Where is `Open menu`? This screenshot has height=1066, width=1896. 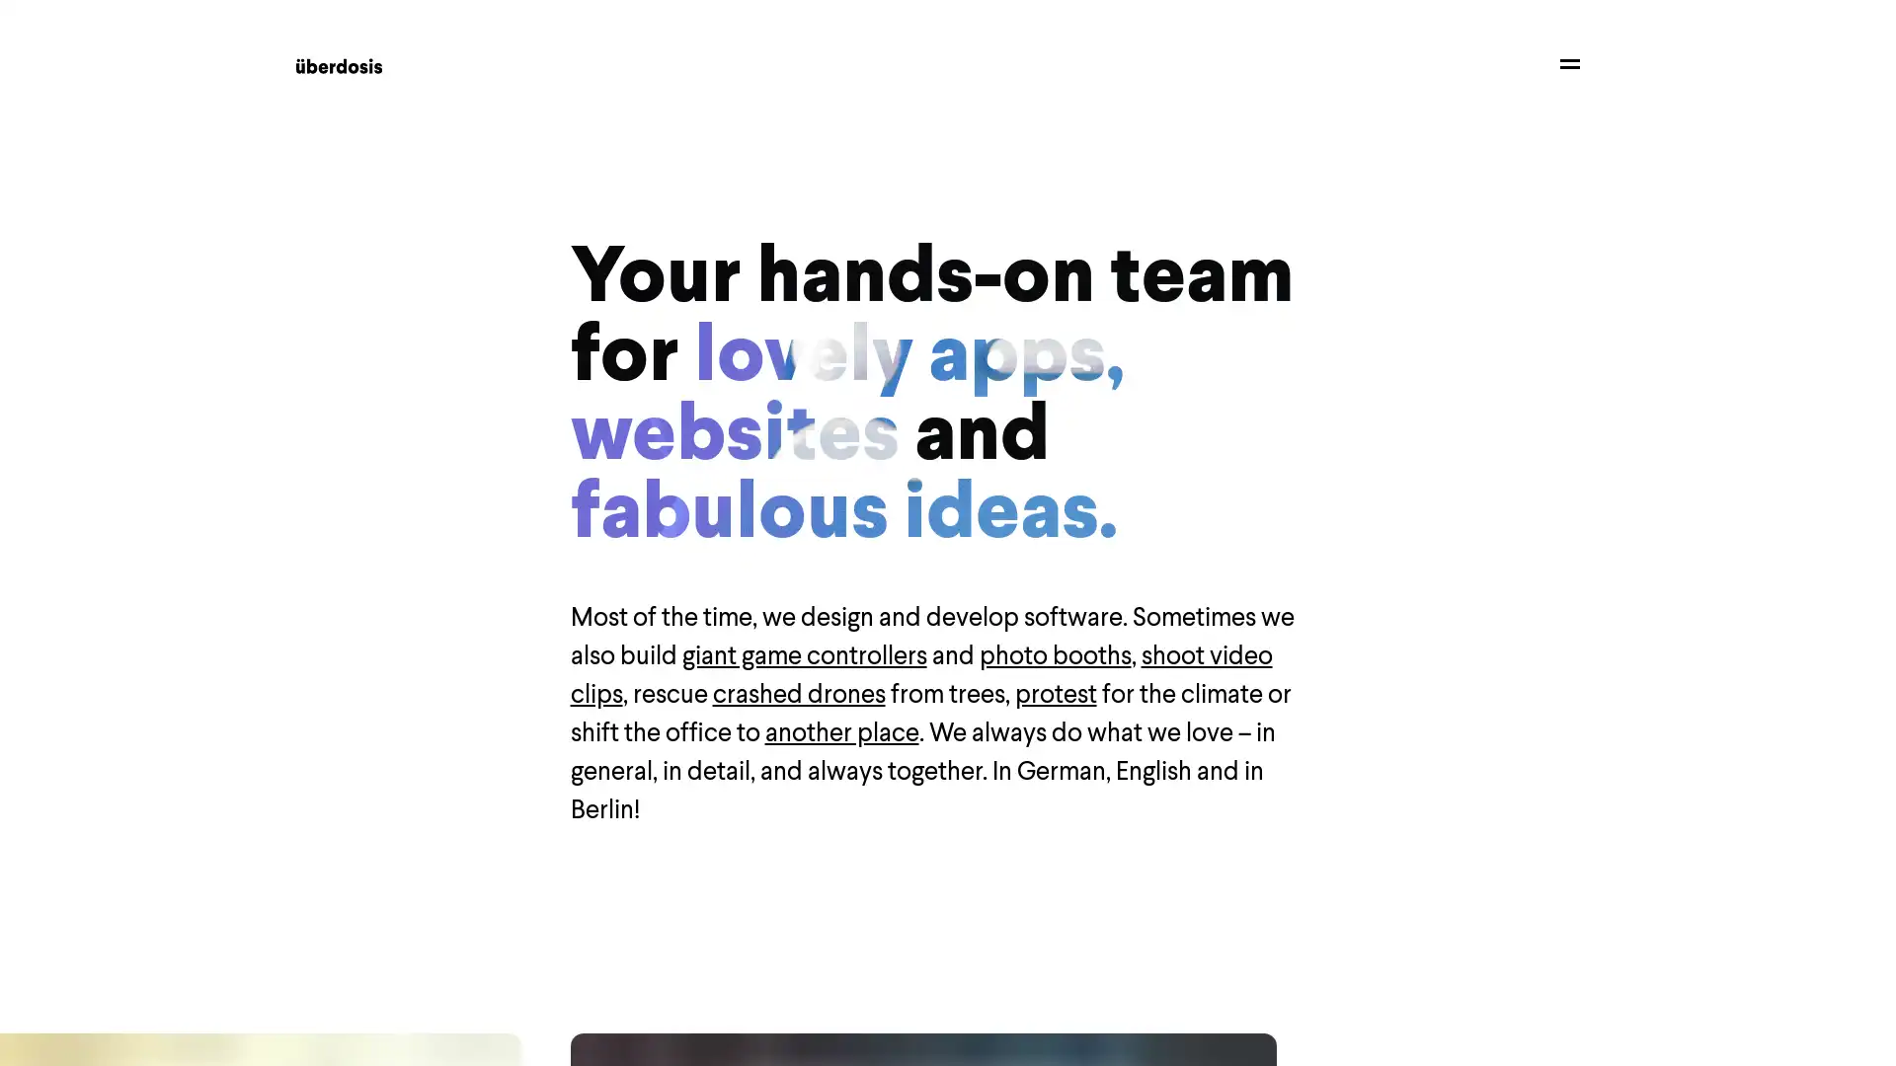 Open menu is located at coordinates (1568, 62).